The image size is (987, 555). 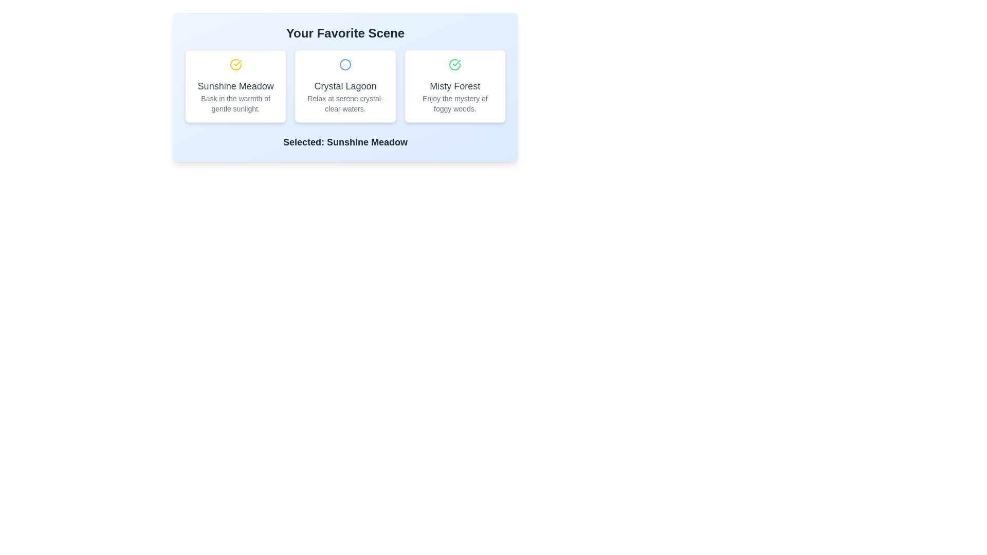 I want to click on the circular checkmark icon within the rightmost card labeled 'Sunshine Meadow' to confirm the selection state, so click(x=456, y=63).